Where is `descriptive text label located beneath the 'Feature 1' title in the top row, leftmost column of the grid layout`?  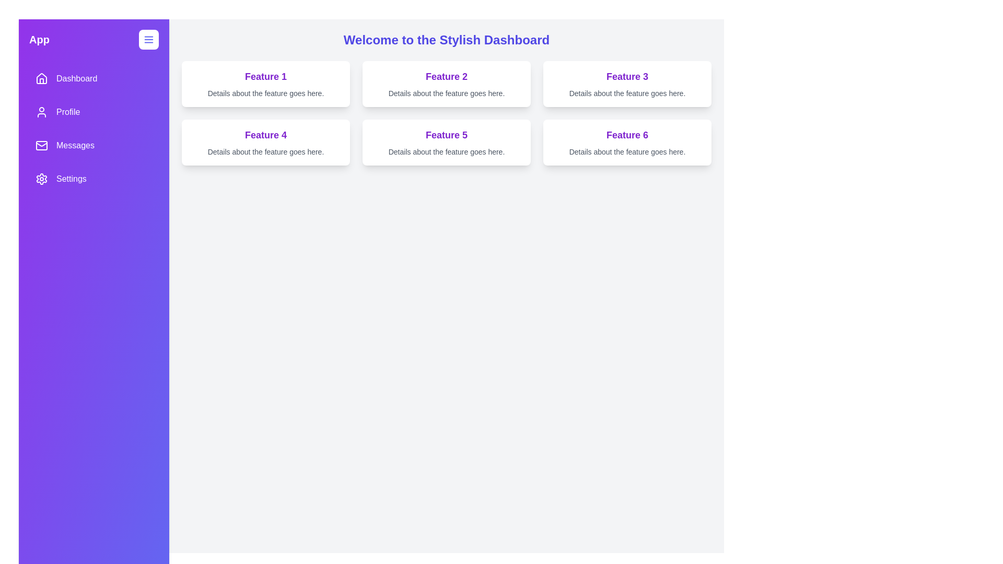
descriptive text label located beneath the 'Feature 1' title in the top row, leftmost column of the grid layout is located at coordinates (265, 92).